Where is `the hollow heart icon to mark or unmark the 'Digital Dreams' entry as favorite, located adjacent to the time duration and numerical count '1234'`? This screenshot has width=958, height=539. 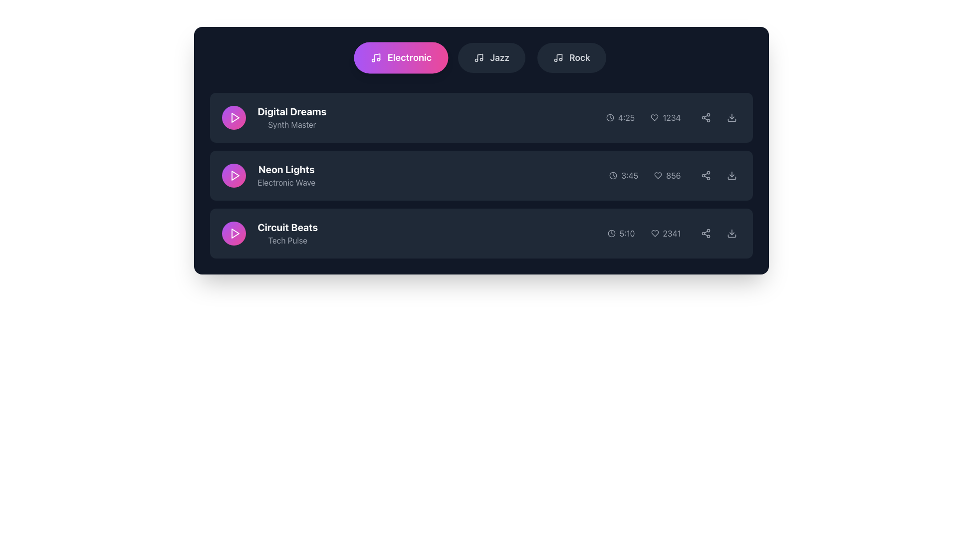
the hollow heart icon to mark or unmark the 'Digital Dreams' entry as favorite, located adjacent to the time duration and numerical count '1234' is located at coordinates (655, 117).